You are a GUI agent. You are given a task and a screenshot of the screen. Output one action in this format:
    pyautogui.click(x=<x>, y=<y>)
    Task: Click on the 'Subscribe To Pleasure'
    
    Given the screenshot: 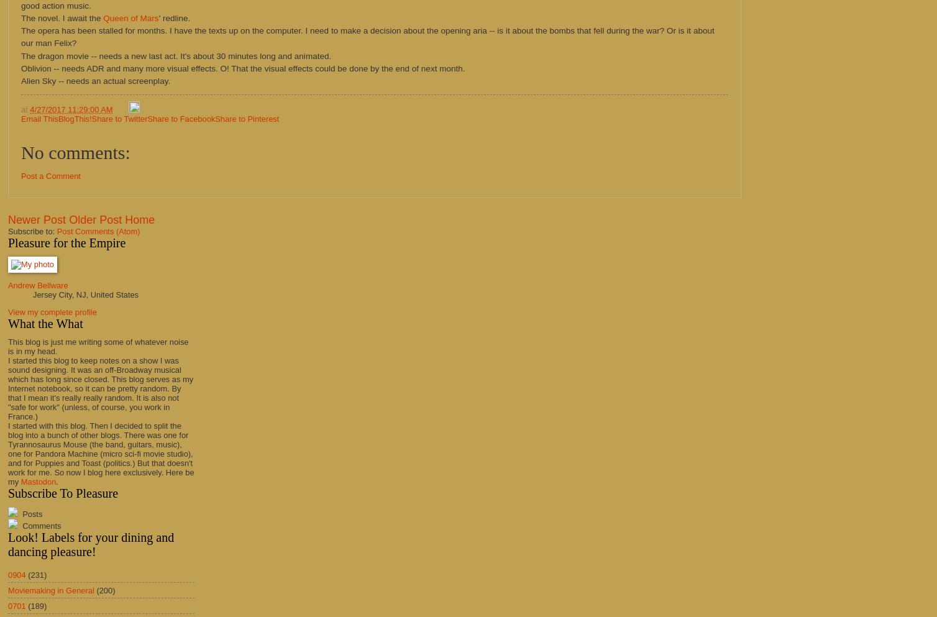 What is the action you would take?
    pyautogui.click(x=63, y=493)
    